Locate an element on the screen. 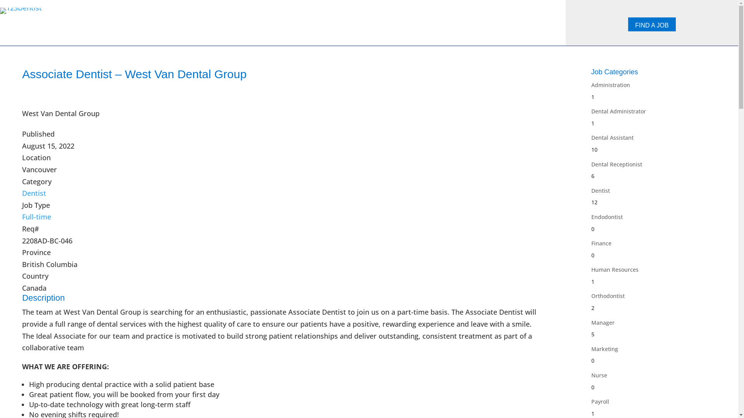 The width and height of the screenshot is (744, 418). '123dentist-logo' is located at coordinates (21, 10).